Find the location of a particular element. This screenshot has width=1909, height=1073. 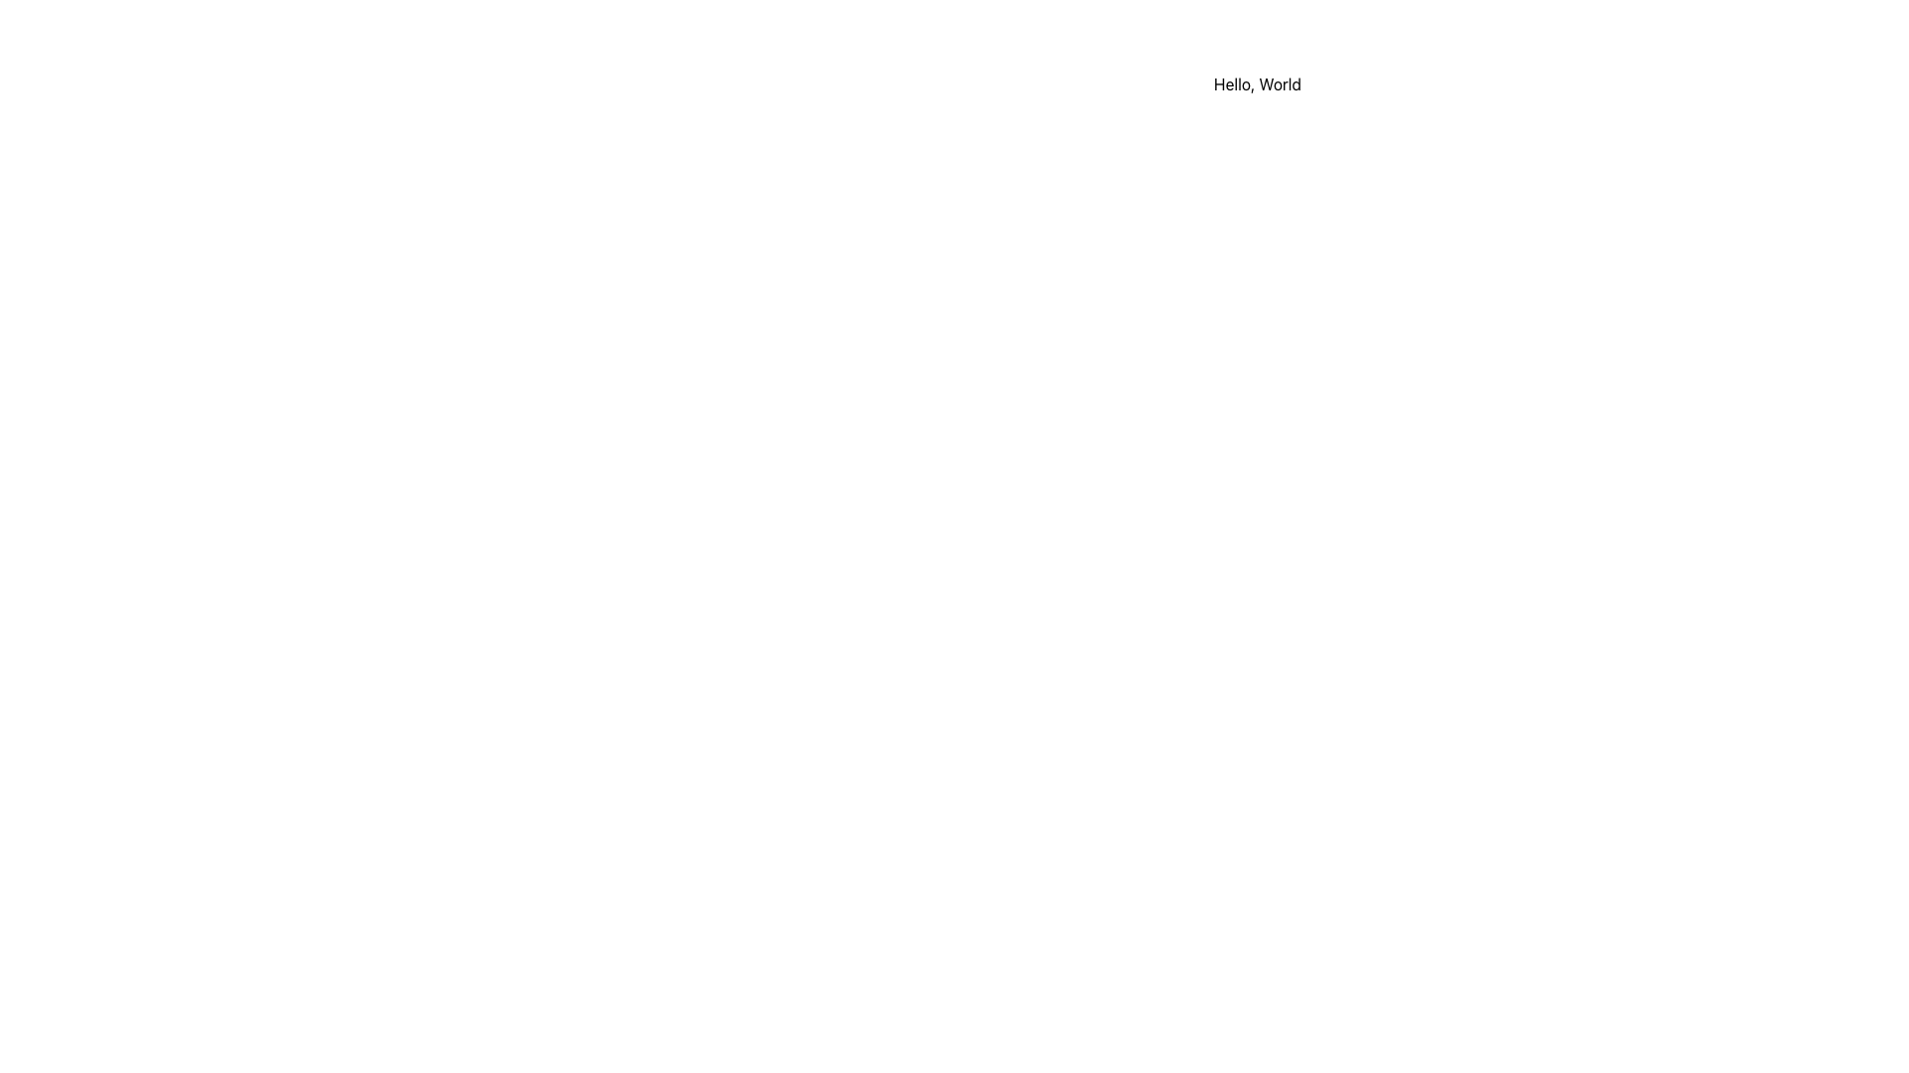

the text label displaying 'Hello, World', which is styled in a bold, large font on a white background is located at coordinates (1257, 82).